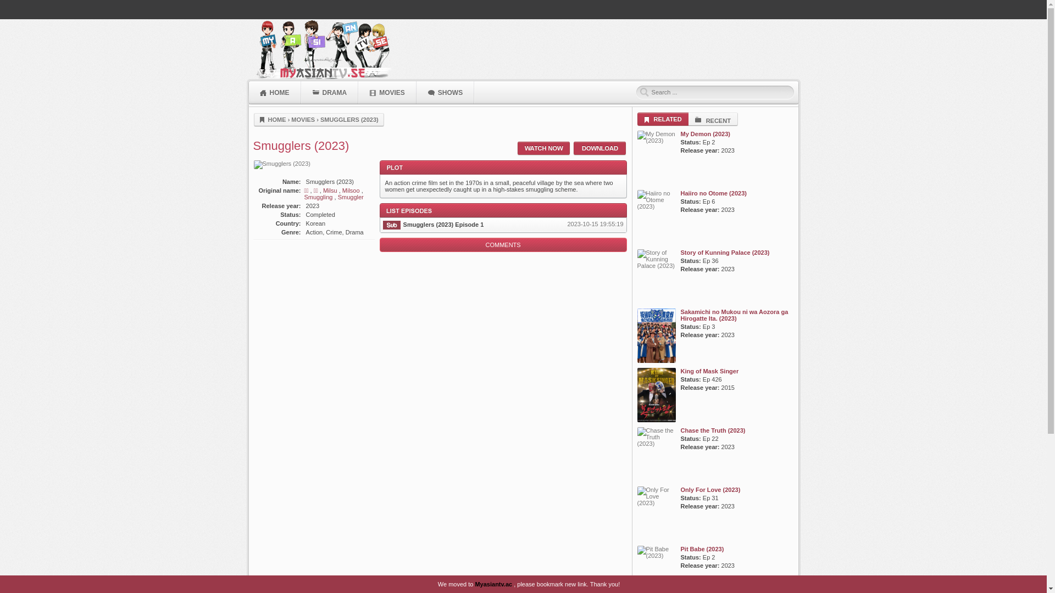 The image size is (1055, 593). Describe the element at coordinates (303, 120) in the screenshot. I see `'MOVIES'` at that location.